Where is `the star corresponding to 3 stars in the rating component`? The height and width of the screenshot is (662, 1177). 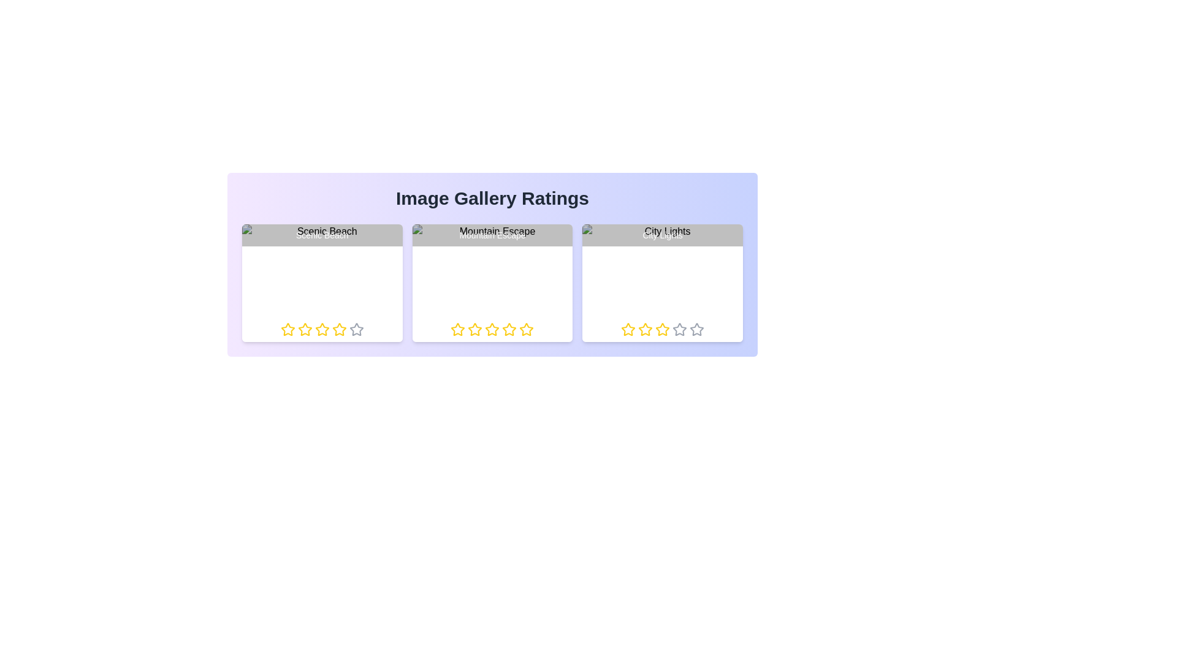
the star corresponding to 3 stars in the rating component is located at coordinates (322, 329).